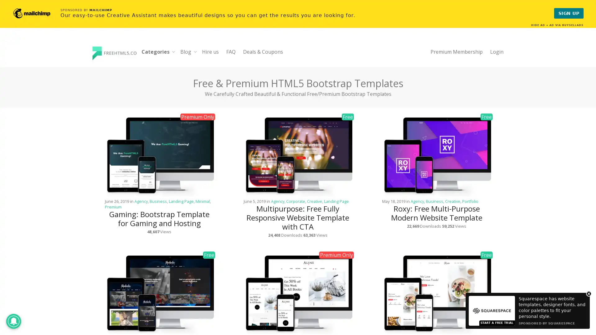 This screenshot has width=596, height=335. I want to click on Expand child menu, so click(195, 51).